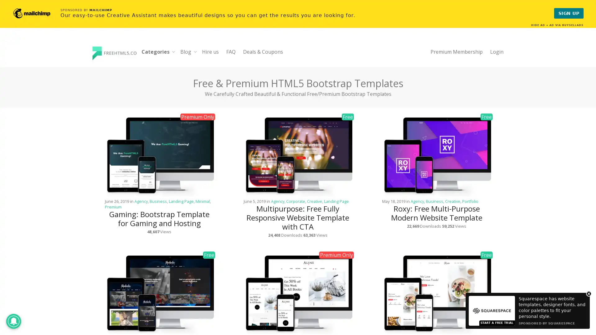 This screenshot has width=596, height=335. I want to click on Expand child menu, so click(195, 51).